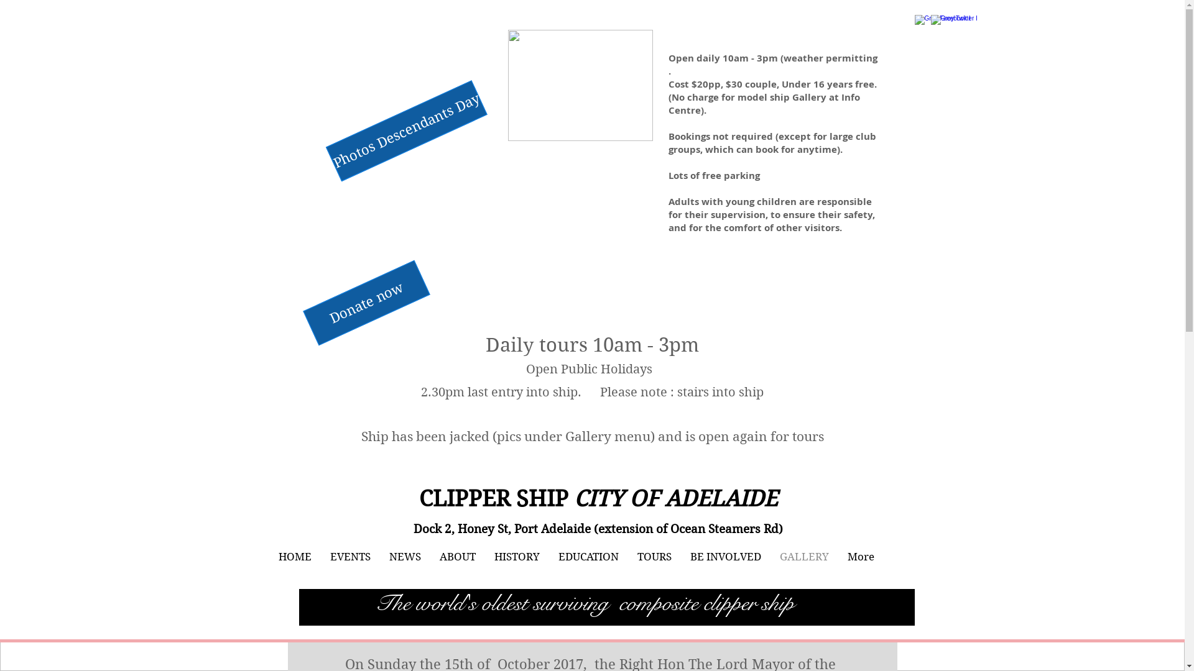 This screenshot has width=1194, height=671. What do you see at coordinates (654, 556) in the screenshot?
I see `'TOURS'` at bounding box center [654, 556].